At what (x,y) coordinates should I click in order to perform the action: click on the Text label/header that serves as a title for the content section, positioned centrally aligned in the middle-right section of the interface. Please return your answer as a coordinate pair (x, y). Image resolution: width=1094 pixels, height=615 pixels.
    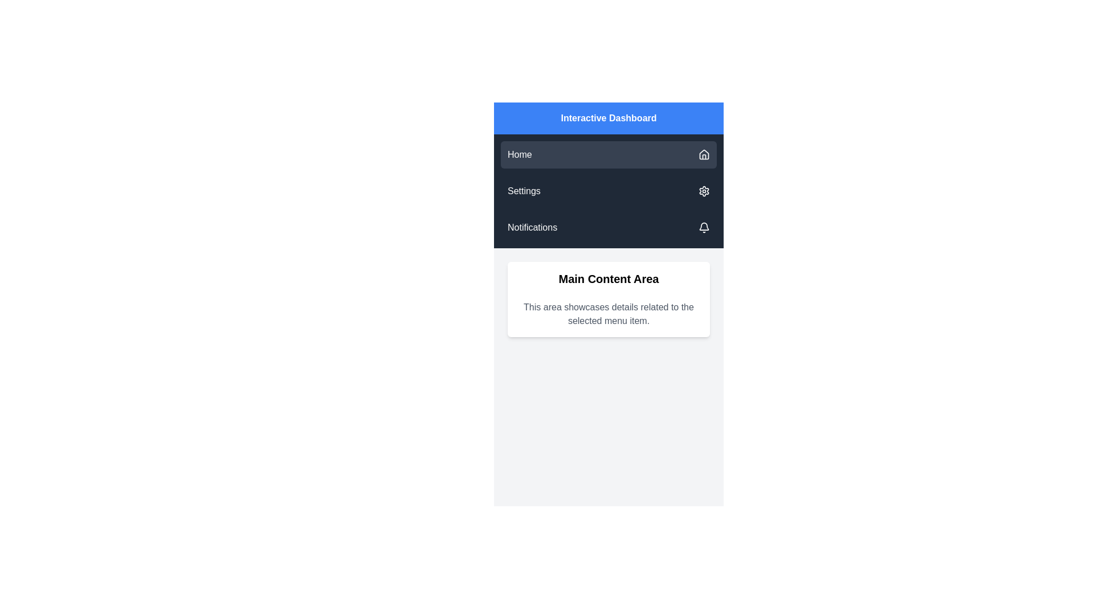
    Looking at the image, I should click on (608, 278).